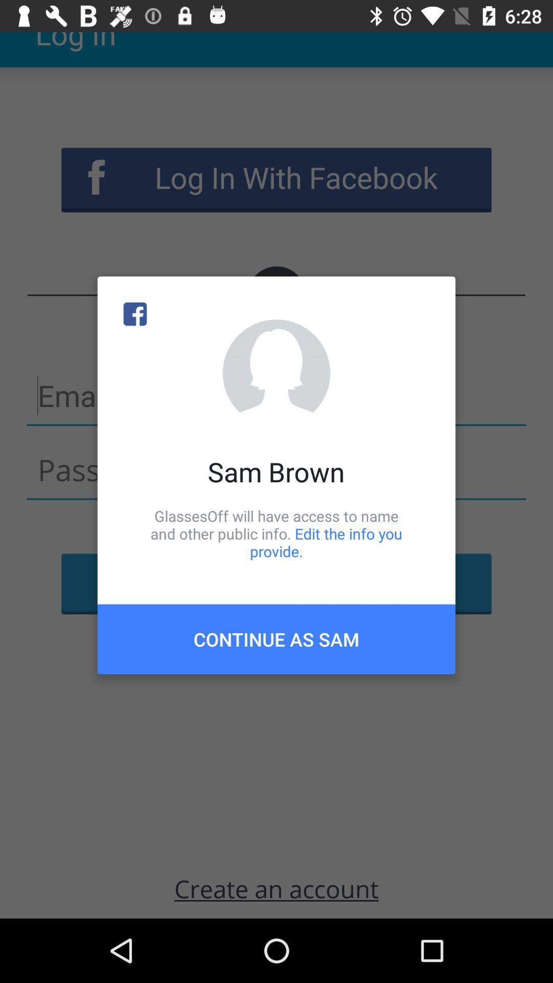 This screenshot has width=553, height=983. Describe the element at coordinates (276, 533) in the screenshot. I see `the icon above the continue as sam item` at that location.